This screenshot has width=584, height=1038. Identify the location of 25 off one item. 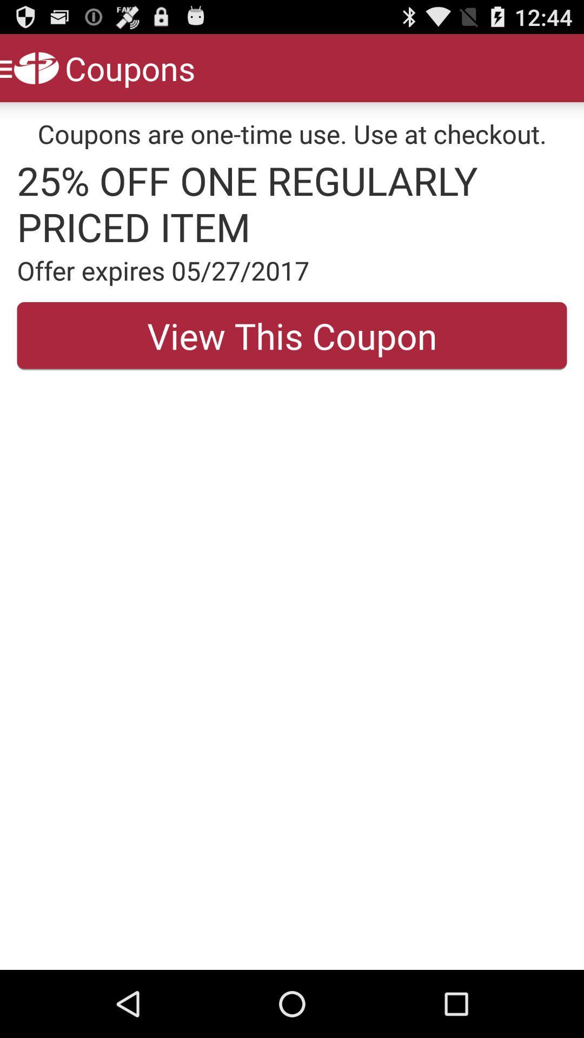
(292, 203).